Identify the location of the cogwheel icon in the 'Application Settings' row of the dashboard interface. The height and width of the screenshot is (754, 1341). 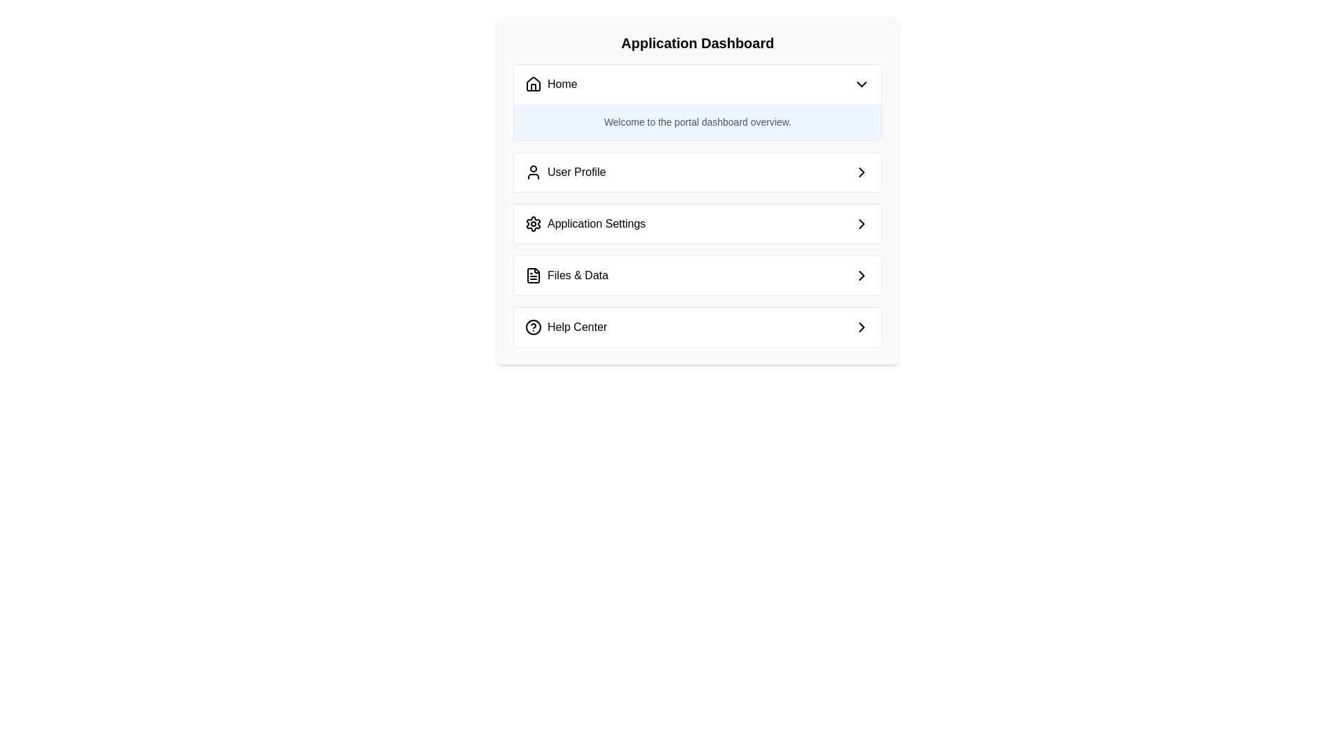
(532, 223).